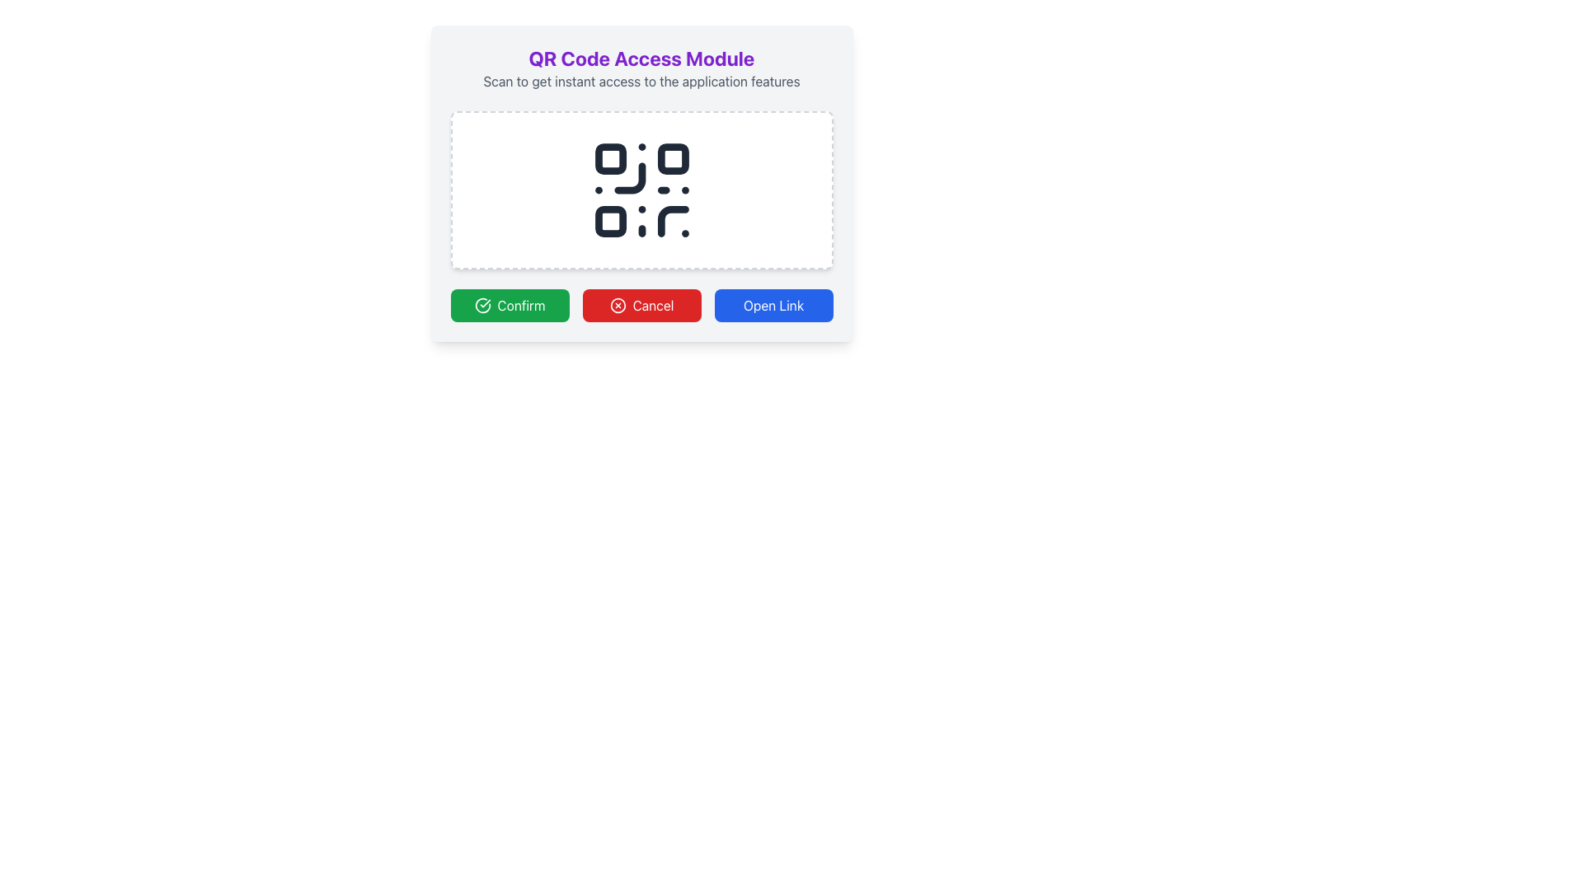 Image resolution: width=1583 pixels, height=890 pixels. What do you see at coordinates (628, 178) in the screenshot?
I see `the curved line that forms an incomplete rectangular loop, located near the central-left area of the QR code icon` at bounding box center [628, 178].